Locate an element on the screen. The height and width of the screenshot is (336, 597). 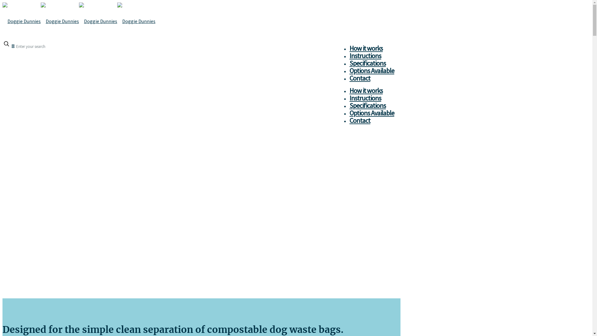
'Specifications' is located at coordinates (368, 105).